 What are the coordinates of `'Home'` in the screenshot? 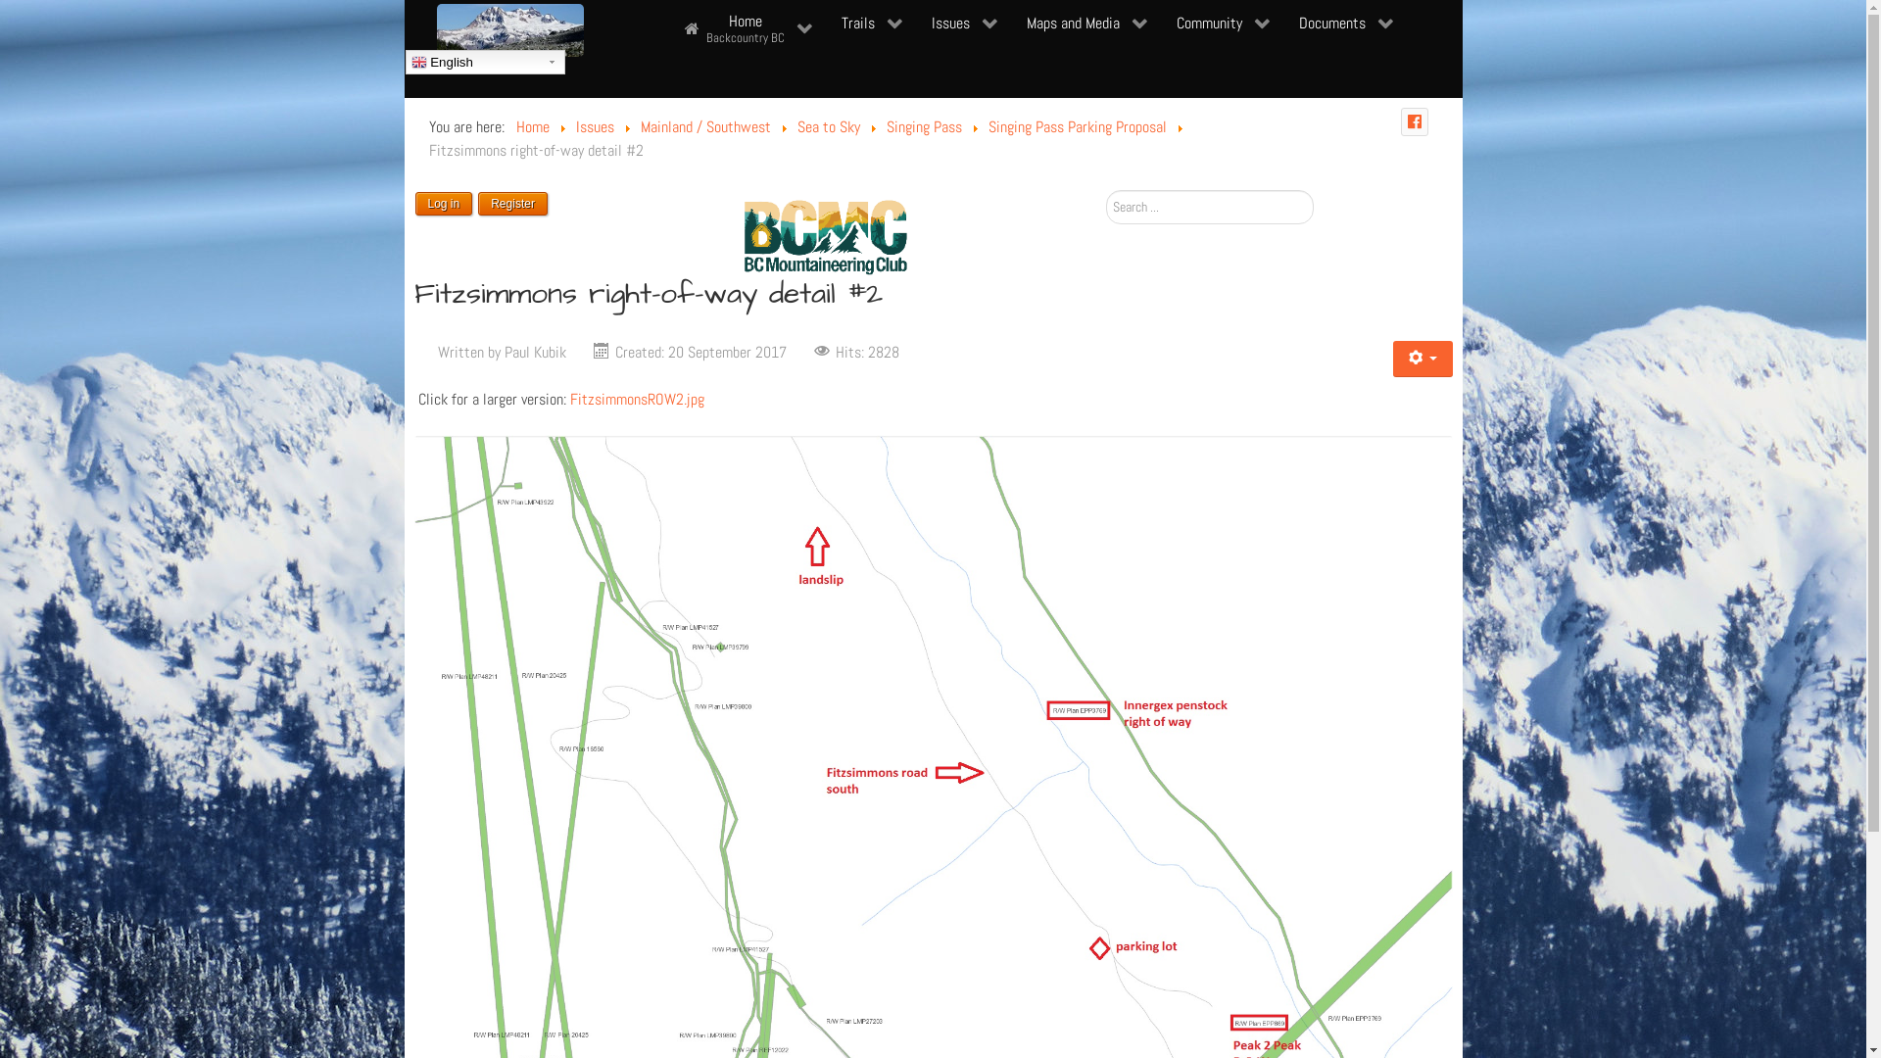 It's located at (531, 126).